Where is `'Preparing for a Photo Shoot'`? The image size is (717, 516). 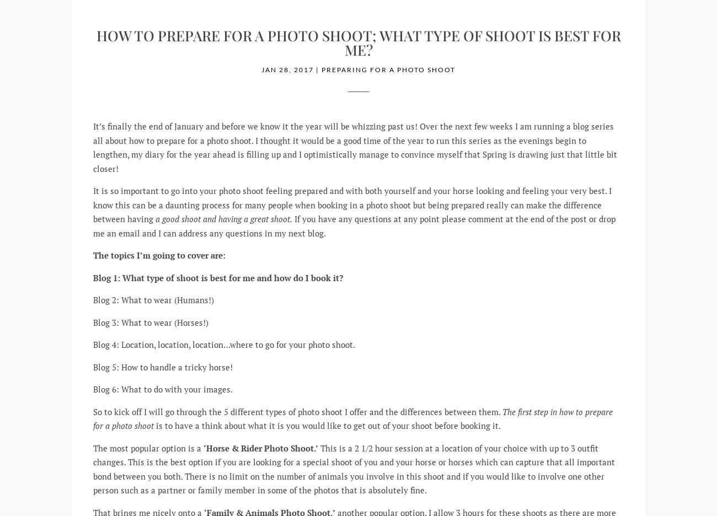 'Preparing for a Photo Shoot' is located at coordinates (388, 69).